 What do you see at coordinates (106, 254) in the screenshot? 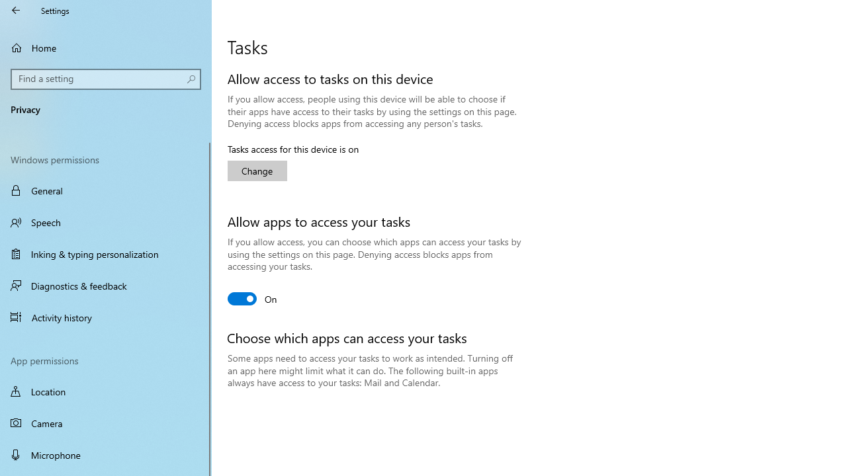
I see `'Inking & typing personalization'` at bounding box center [106, 254].